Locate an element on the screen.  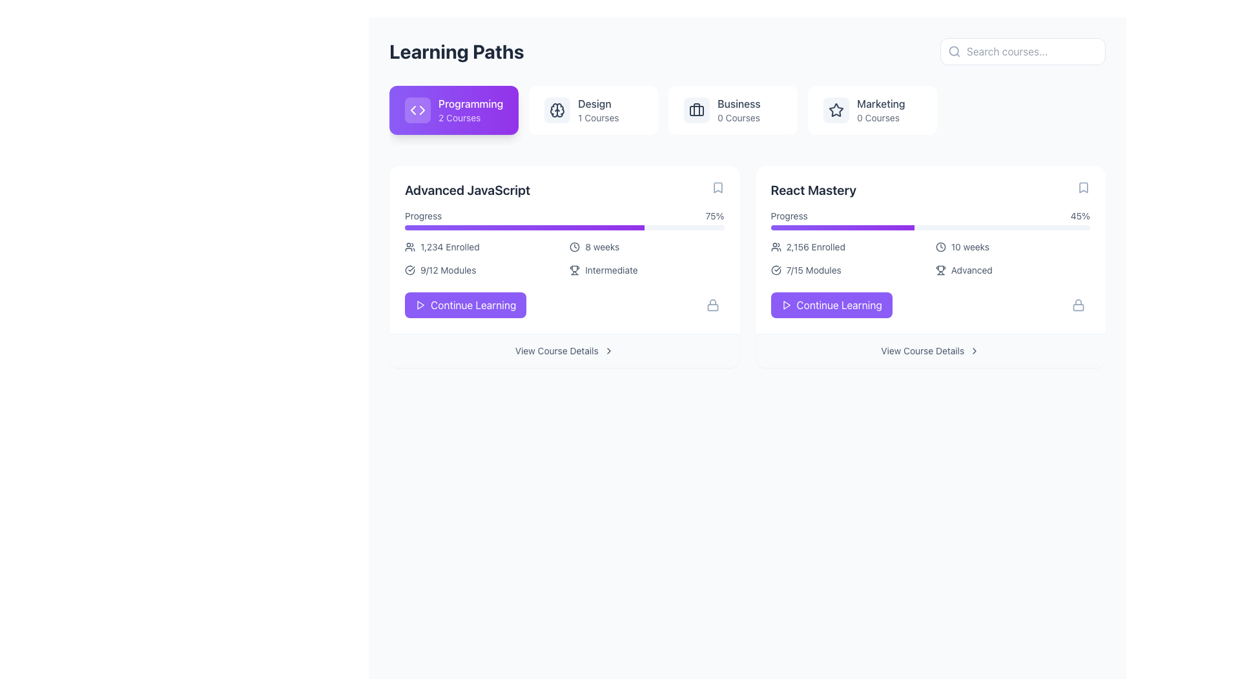
the clock icon and the text '10 weeks.' in the second card of the 'React Mastery' section, specifically the second item from the top in the right column is located at coordinates (1012, 247).